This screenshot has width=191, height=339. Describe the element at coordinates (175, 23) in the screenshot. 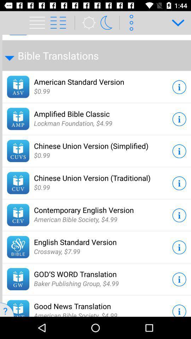

I see `the expand_more icon` at that location.